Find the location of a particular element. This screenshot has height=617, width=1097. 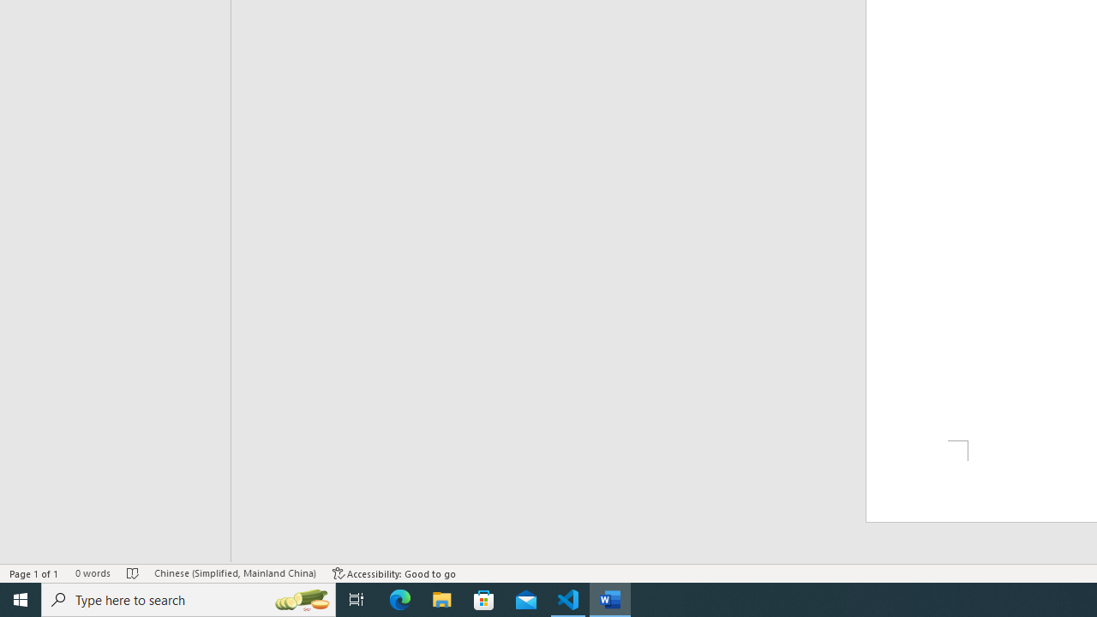

'Spelling and Grammar Check No Errors' is located at coordinates (132, 573).